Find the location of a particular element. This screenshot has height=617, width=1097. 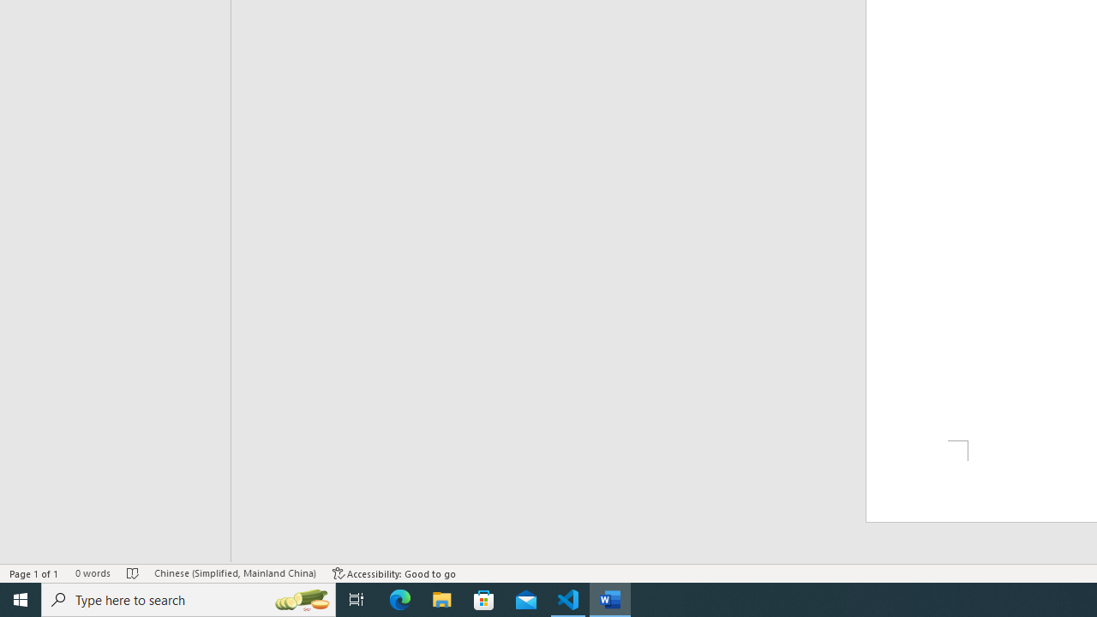

'Spelling and Grammar Check No Errors' is located at coordinates (132, 573).